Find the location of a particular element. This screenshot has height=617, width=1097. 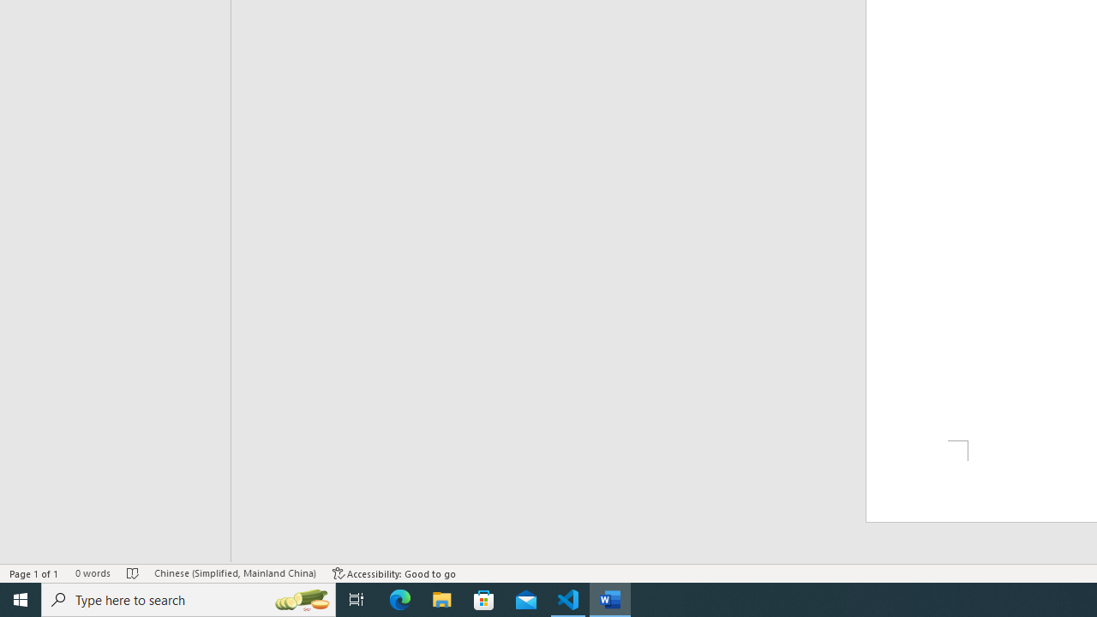

'Spelling and Grammar Check No Errors' is located at coordinates (132, 573).